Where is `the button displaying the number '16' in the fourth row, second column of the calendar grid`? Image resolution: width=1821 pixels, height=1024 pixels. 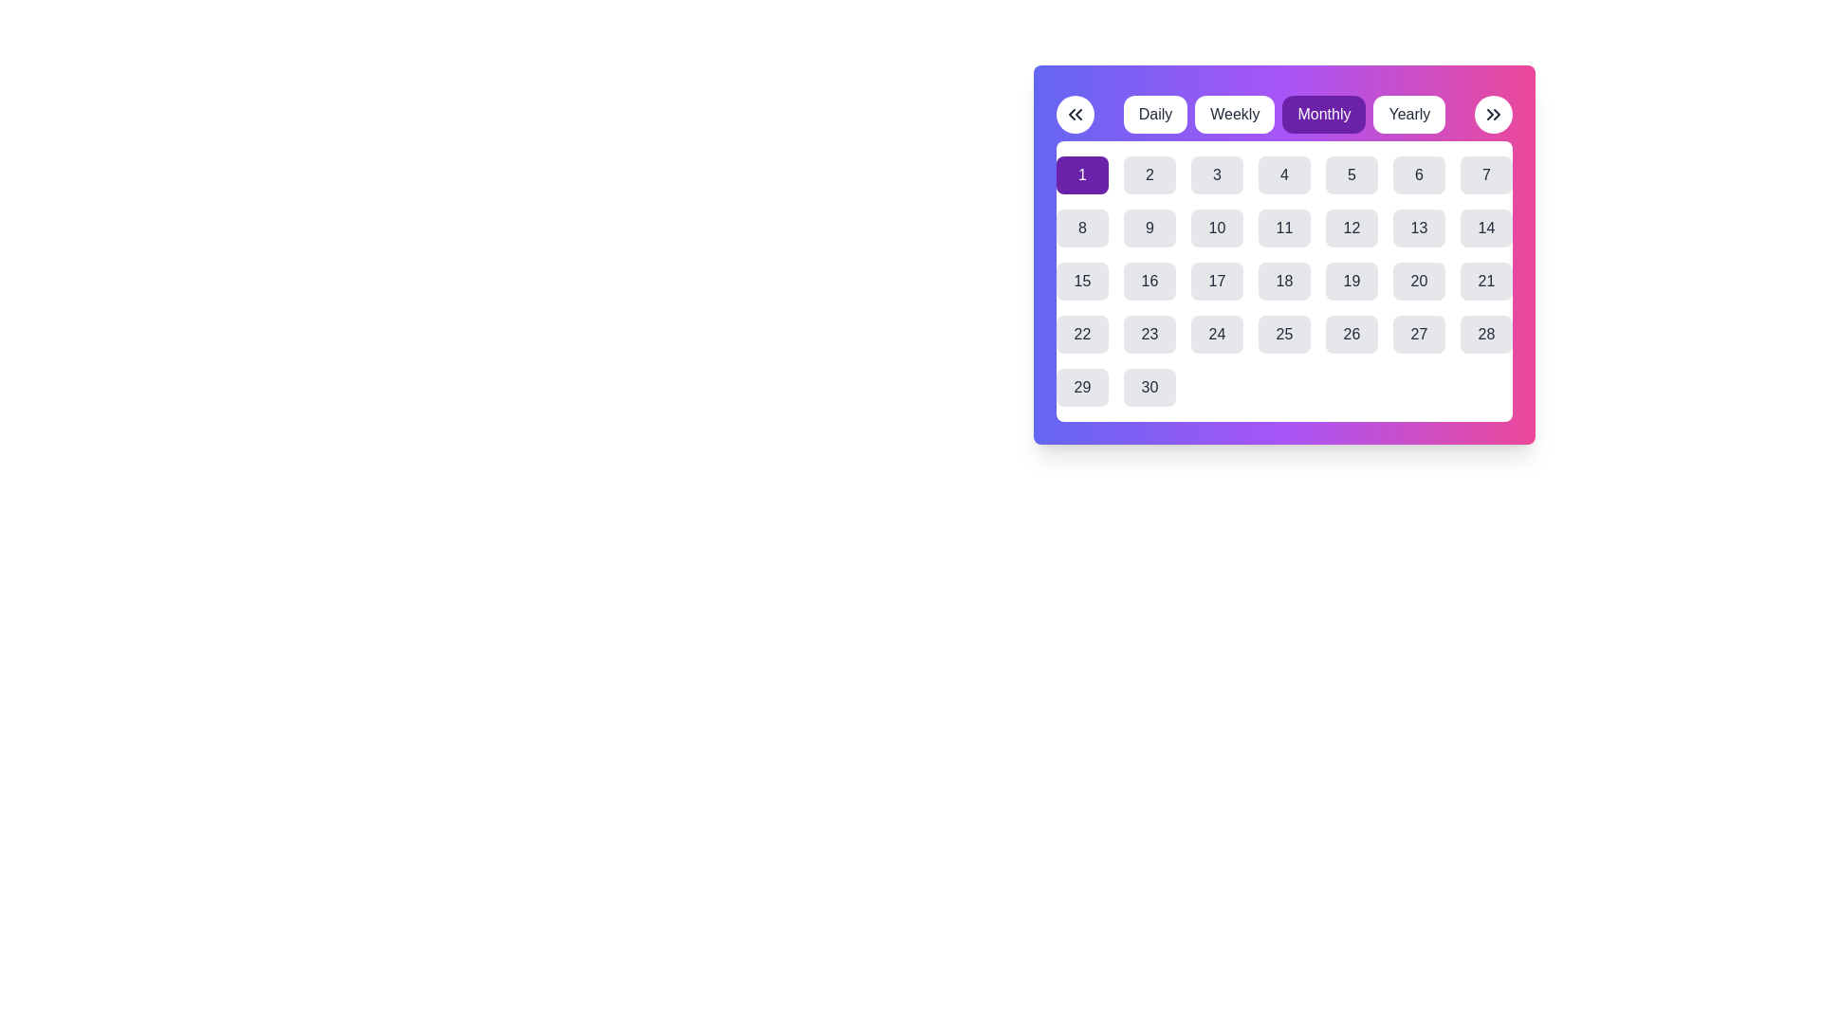
the button displaying the number '16' in the fourth row, second column of the calendar grid is located at coordinates (1149, 282).